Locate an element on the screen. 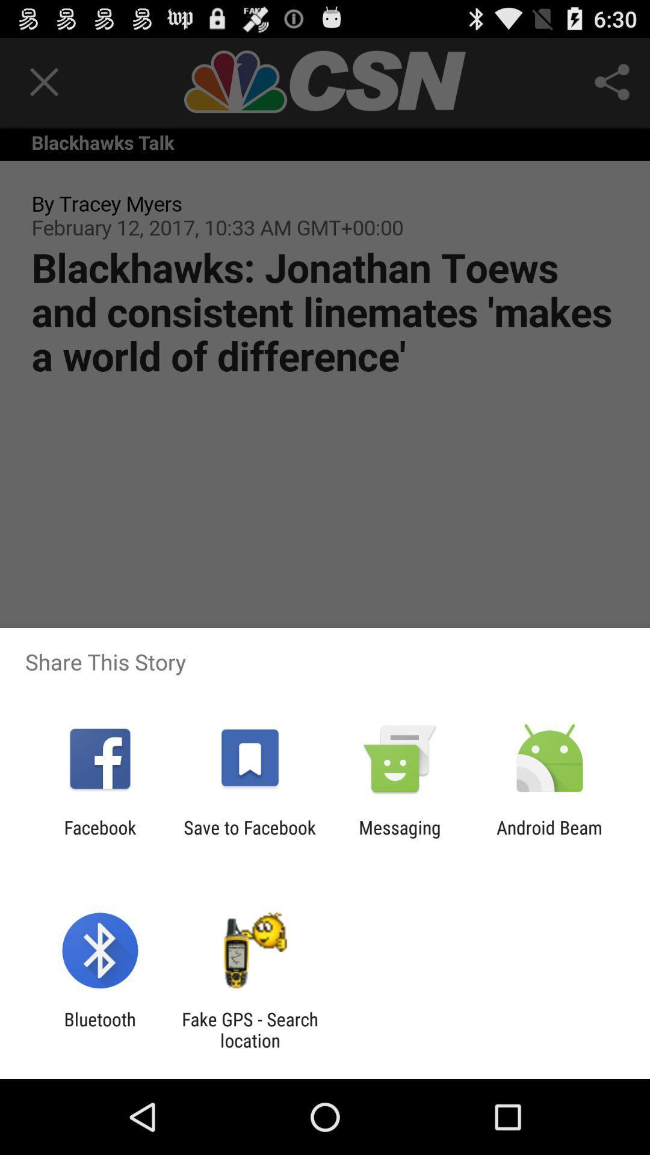 This screenshot has width=650, height=1155. app to the right of the facebook is located at coordinates (249, 837).